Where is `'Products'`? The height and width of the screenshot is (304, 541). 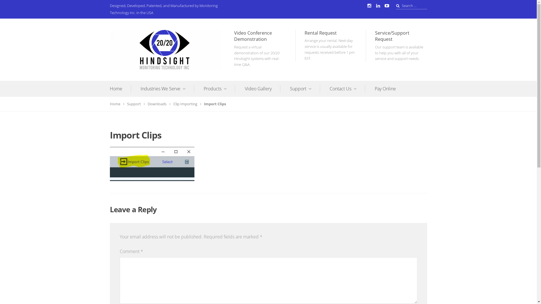 'Products' is located at coordinates (219, 89).